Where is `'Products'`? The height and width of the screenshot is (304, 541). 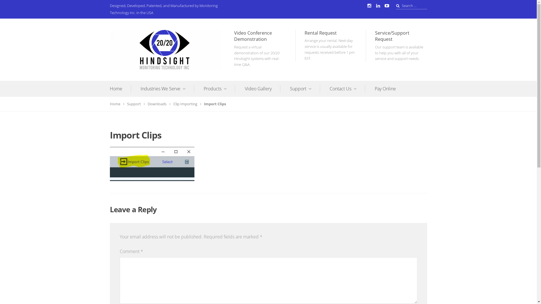 'Products' is located at coordinates (219, 89).